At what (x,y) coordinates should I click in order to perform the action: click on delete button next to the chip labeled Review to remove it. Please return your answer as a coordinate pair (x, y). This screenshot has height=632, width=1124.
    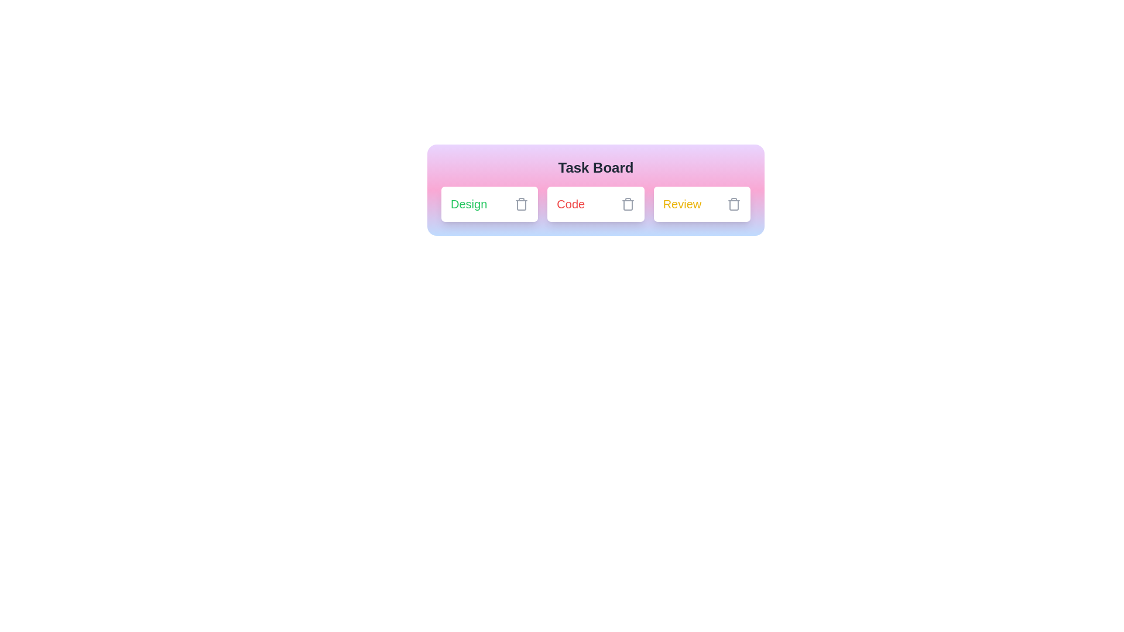
    Looking at the image, I should click on (733, 203).